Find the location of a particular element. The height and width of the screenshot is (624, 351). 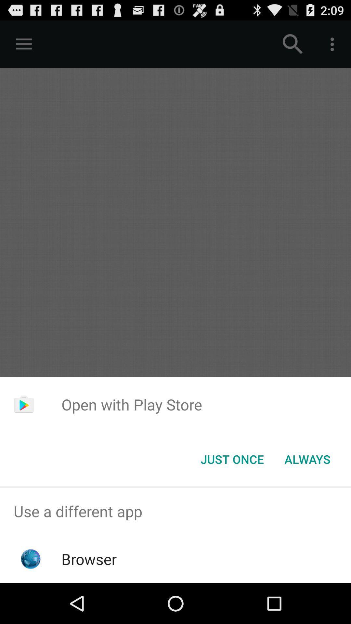

always is located at coordinates (307, 459).